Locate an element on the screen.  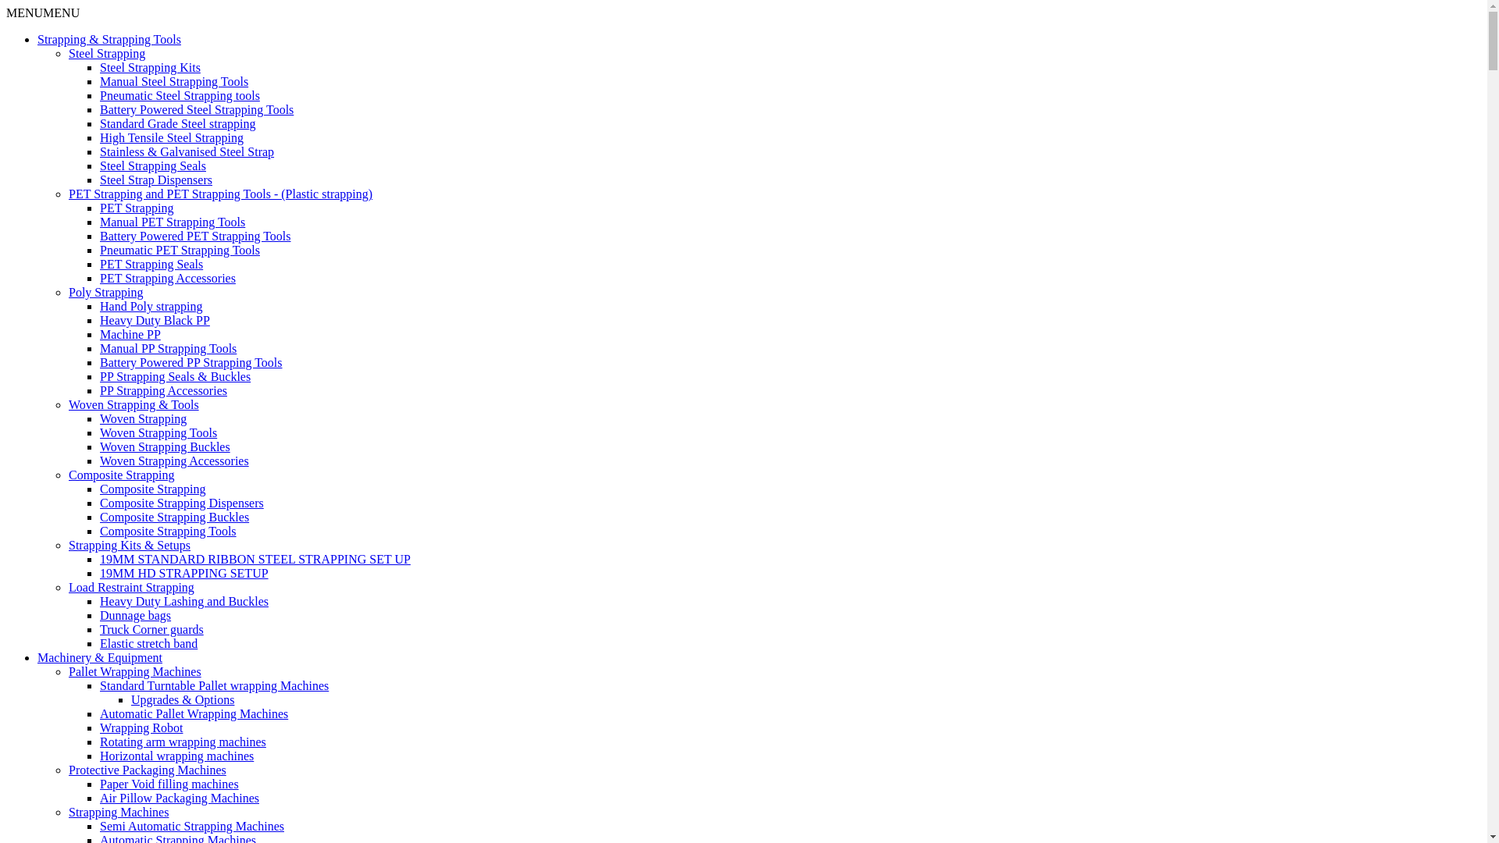
'Machinery & Equipment' is located at coordinates (99, 657).